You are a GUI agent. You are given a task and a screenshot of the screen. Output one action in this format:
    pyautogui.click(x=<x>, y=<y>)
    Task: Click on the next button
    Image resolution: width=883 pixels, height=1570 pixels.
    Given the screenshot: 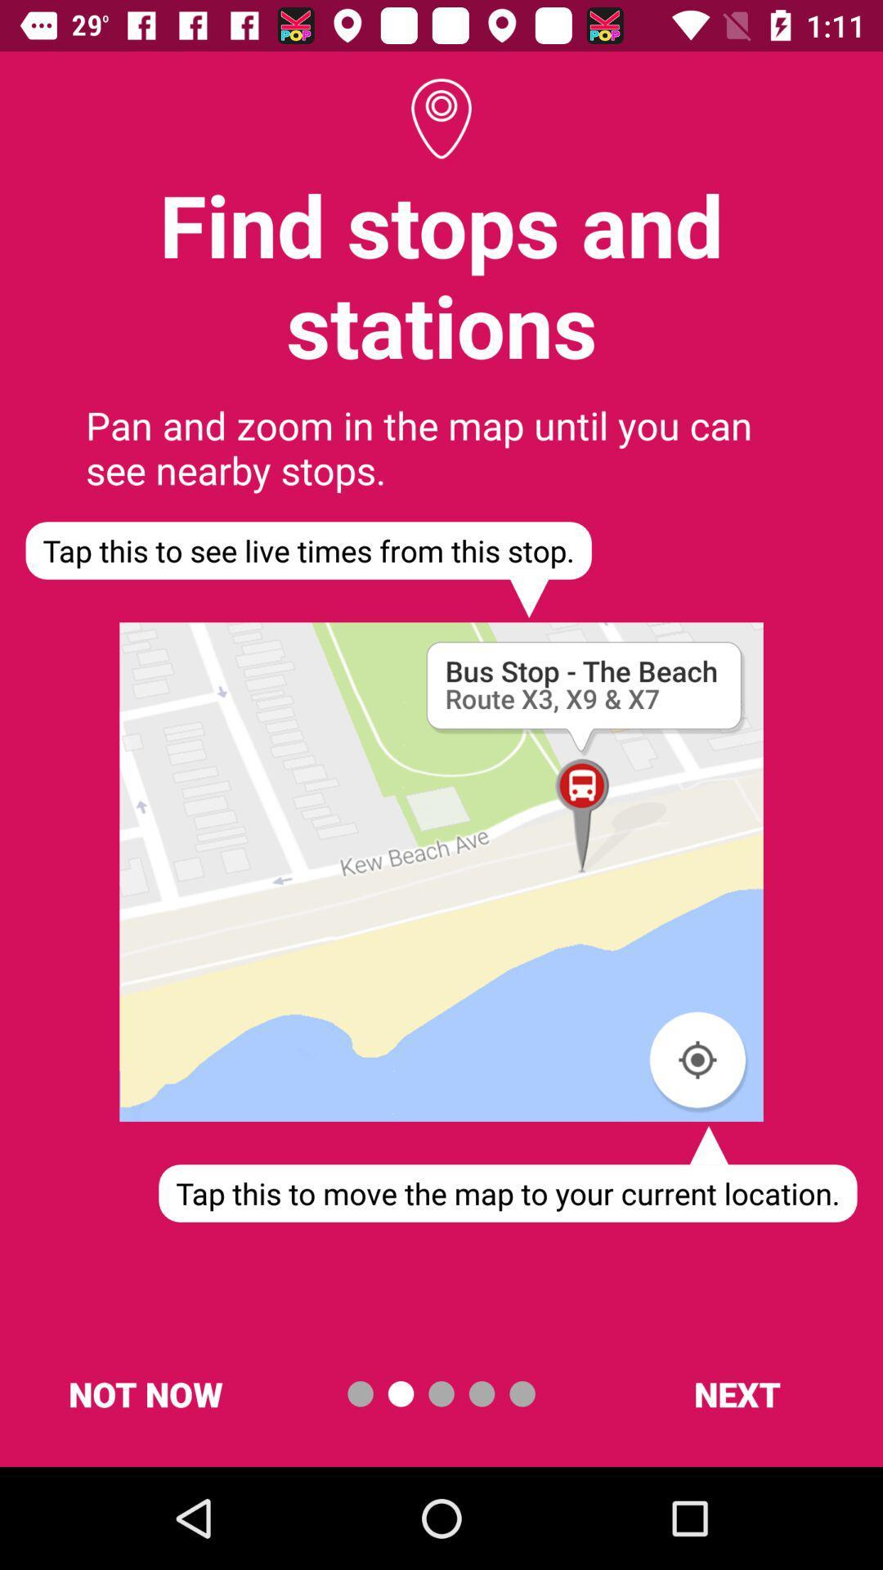 What is the action you would take?
    pyautogui.click(x=737, y=1393)
    